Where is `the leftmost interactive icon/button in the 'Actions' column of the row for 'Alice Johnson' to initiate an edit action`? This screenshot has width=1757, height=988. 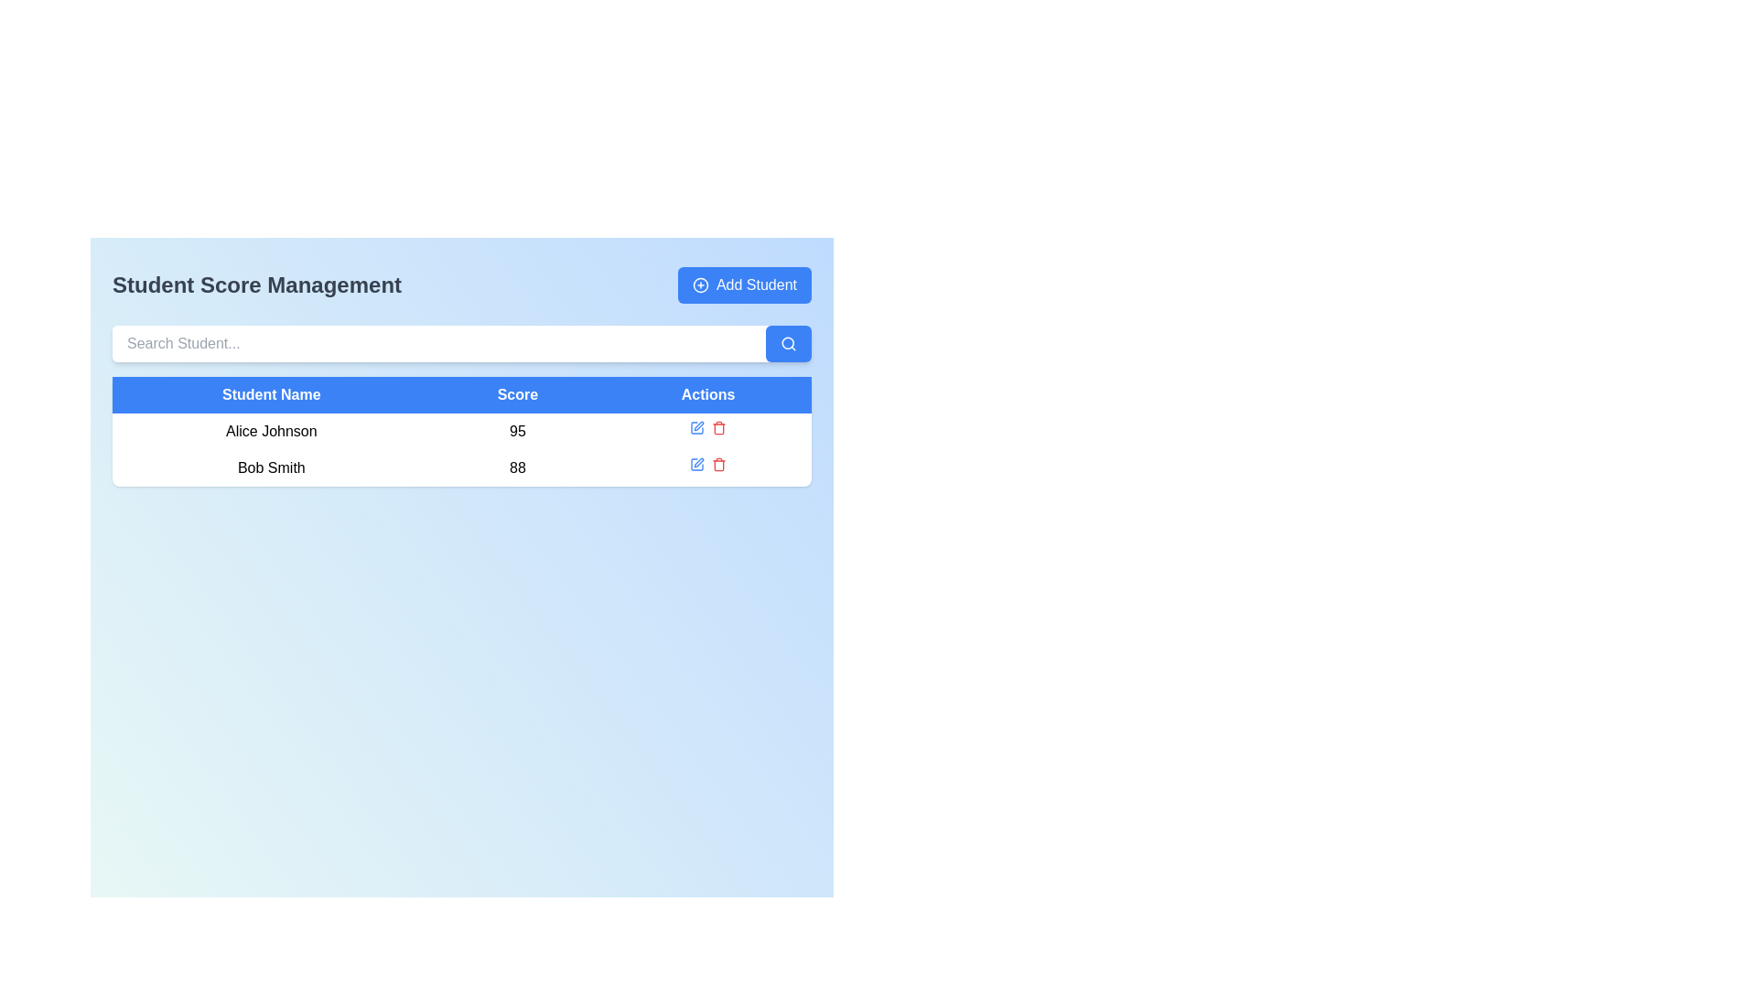
the leftmost interactive icon/button in the 'Actions' column of the row for 'Alice Johnson' to initiate an edit action is located at coordinates (696, 427).